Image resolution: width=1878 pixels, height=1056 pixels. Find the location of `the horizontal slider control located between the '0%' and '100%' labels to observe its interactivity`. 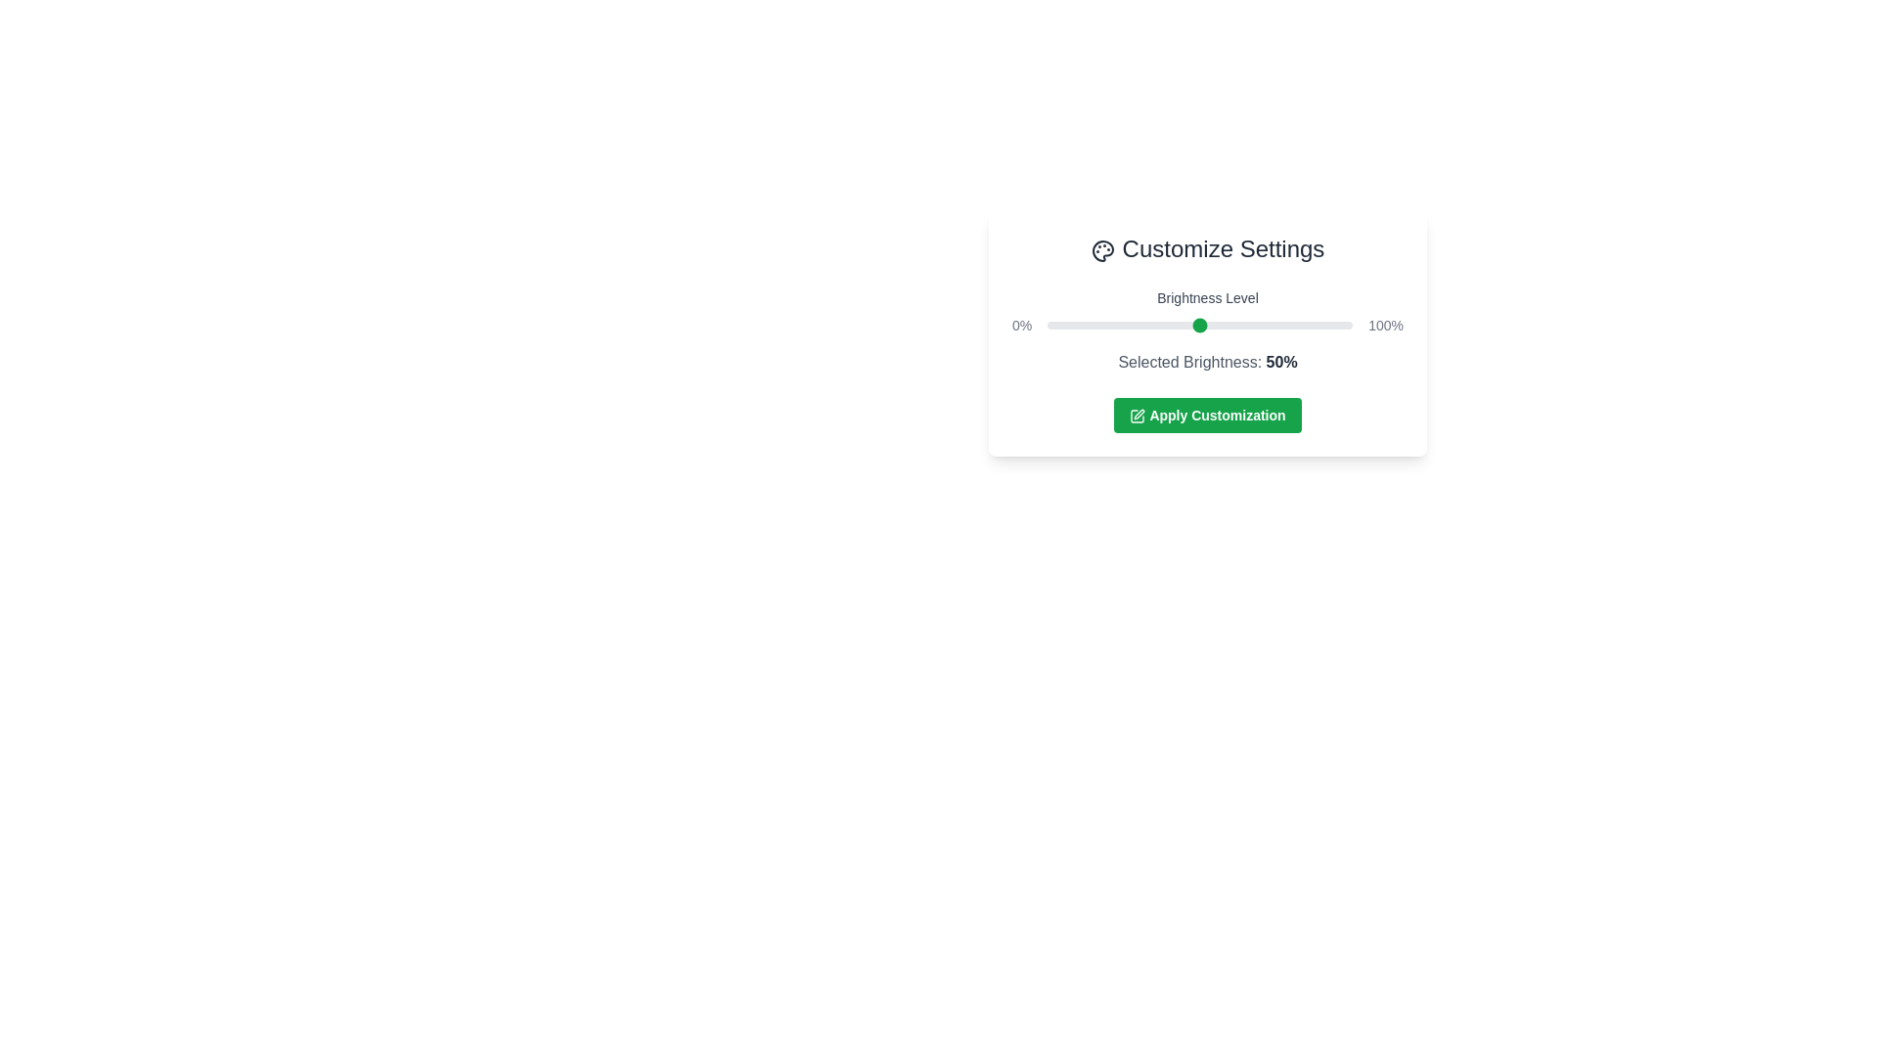

the horizontal slider control located between the '0%' and '100%' labels to observe its interactivity is located at coordinates (1199, 324).